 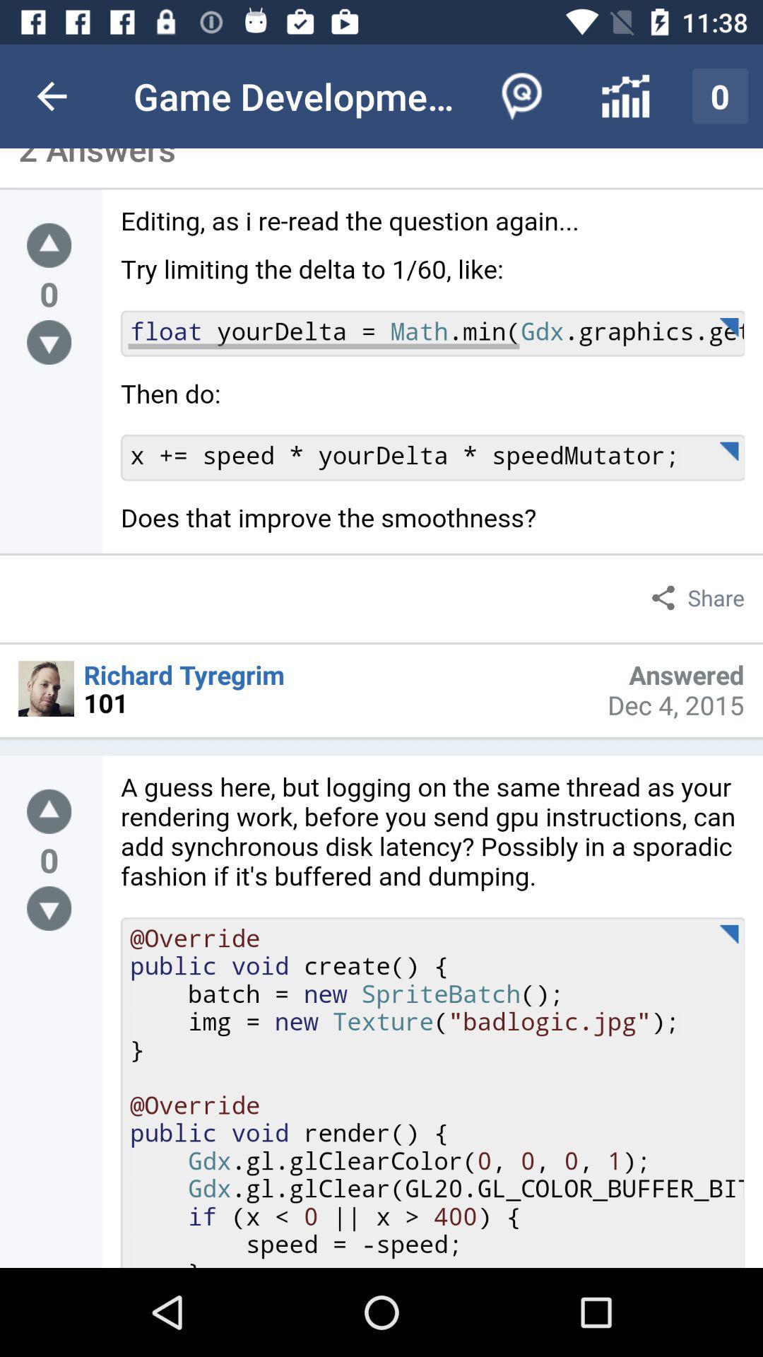 I want to click on image option of the mail, so click(x=45, y=688).